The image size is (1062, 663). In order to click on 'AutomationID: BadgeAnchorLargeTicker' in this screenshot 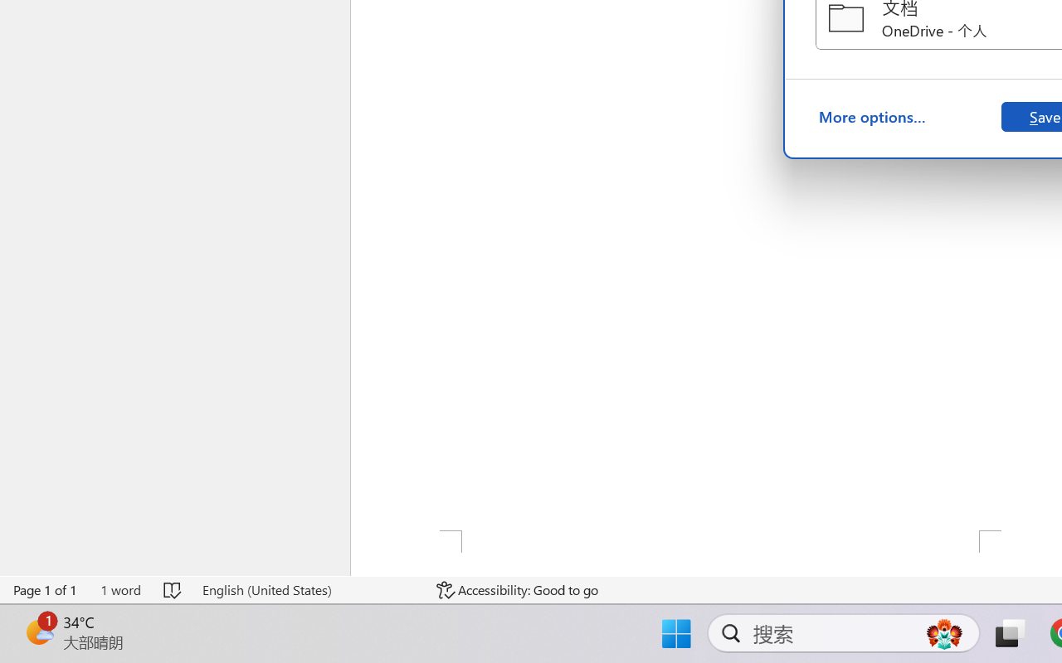, I will do `click(38, 632)`.